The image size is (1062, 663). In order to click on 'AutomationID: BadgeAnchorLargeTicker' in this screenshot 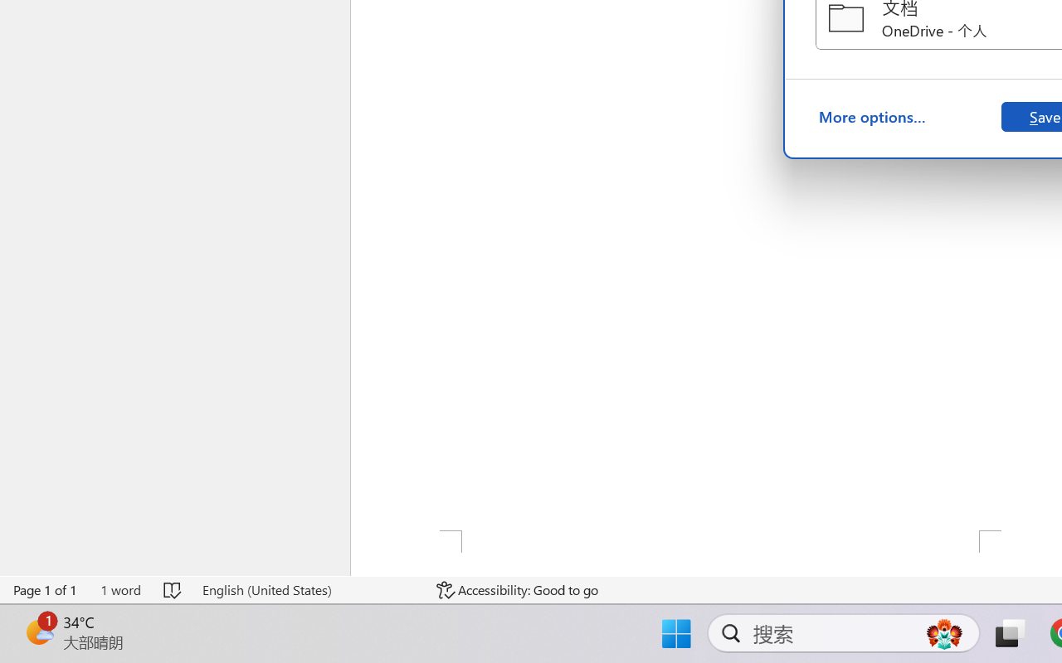, I will do `click(38, 632)`.